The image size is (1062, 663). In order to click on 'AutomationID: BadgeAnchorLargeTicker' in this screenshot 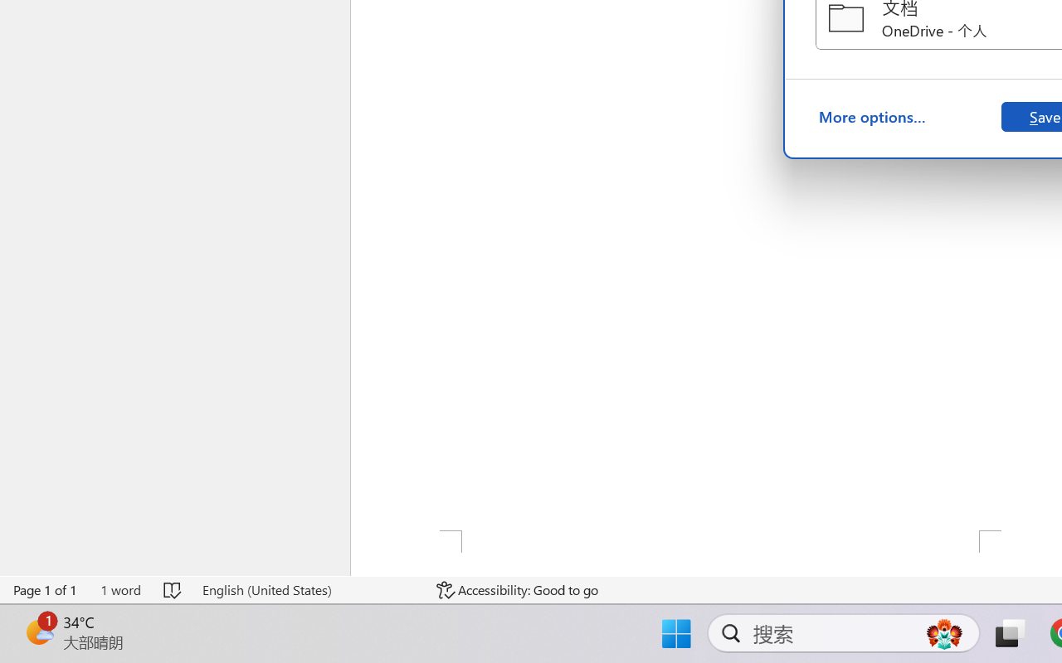, I will do `click(38, 632)`.